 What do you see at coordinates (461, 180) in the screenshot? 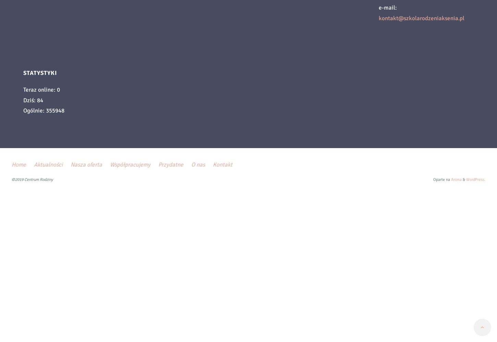
I see `'&'` at bounding box center [461, 180].